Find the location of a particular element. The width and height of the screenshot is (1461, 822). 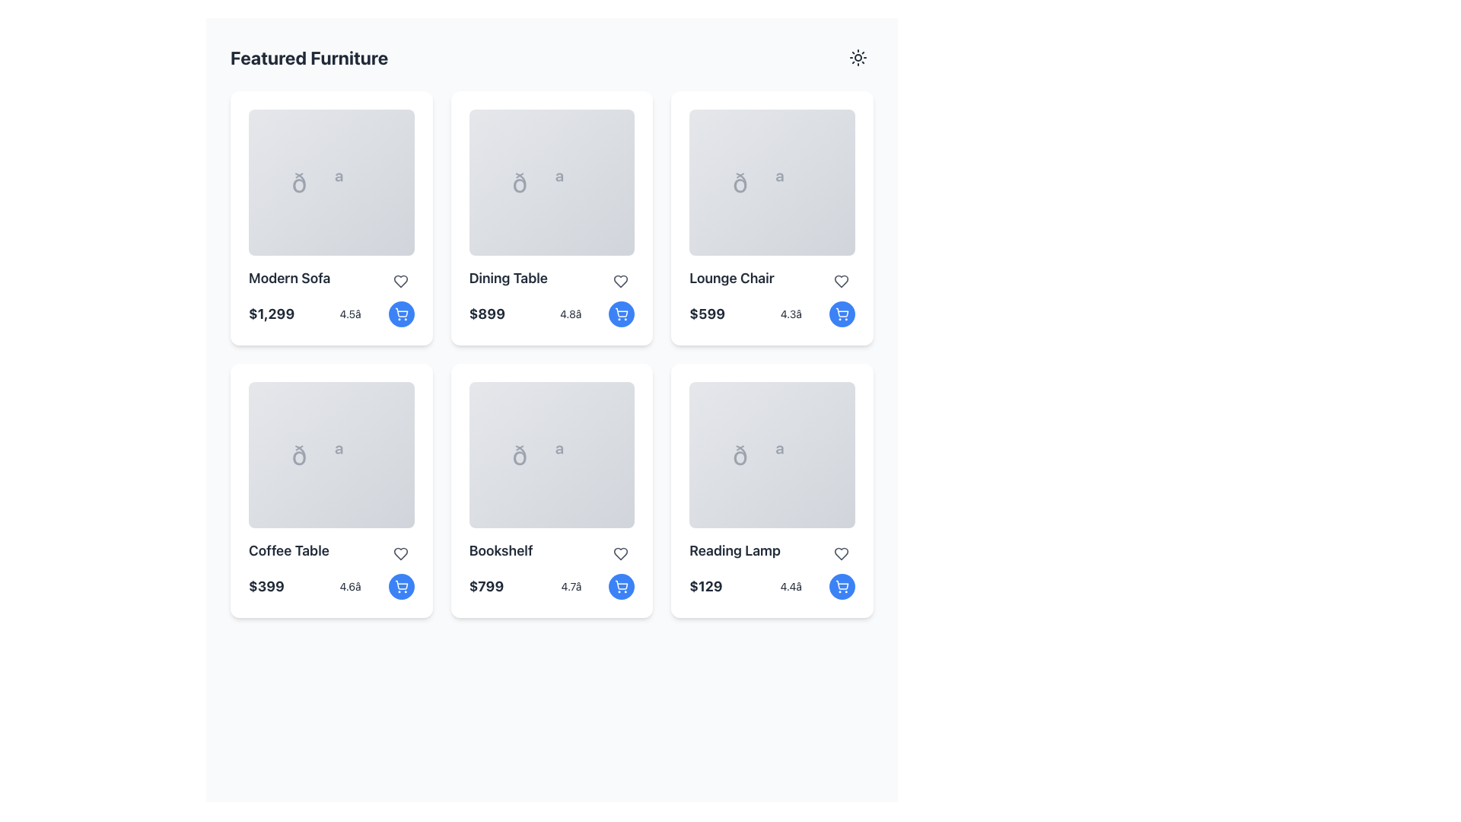

text label indicating 'Coffee Table' located in the third card of the second row, positioned above the price text '$399' is located at coordinates (288, 551).